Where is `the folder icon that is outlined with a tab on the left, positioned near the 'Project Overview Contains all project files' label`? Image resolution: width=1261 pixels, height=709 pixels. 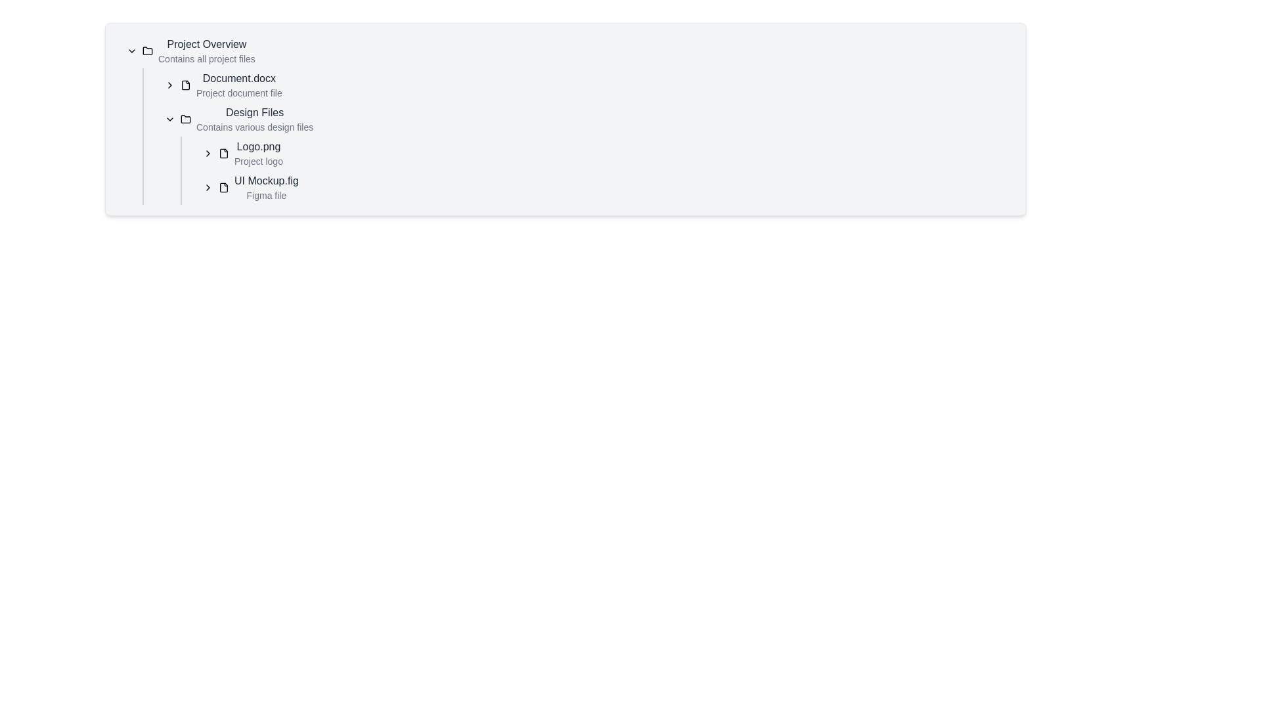
the folder icon that is outlined with a tab on the left, positioned near the 'Project Overview Contains all project files' label is located at coordinates (148, 50).